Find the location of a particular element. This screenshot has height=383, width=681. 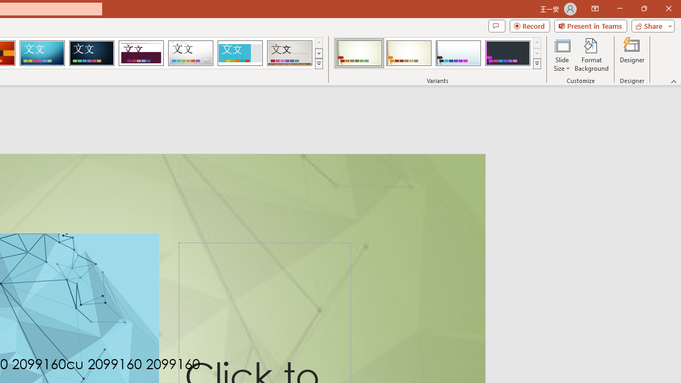

'Droplet' is located at coordinates (190, 53).